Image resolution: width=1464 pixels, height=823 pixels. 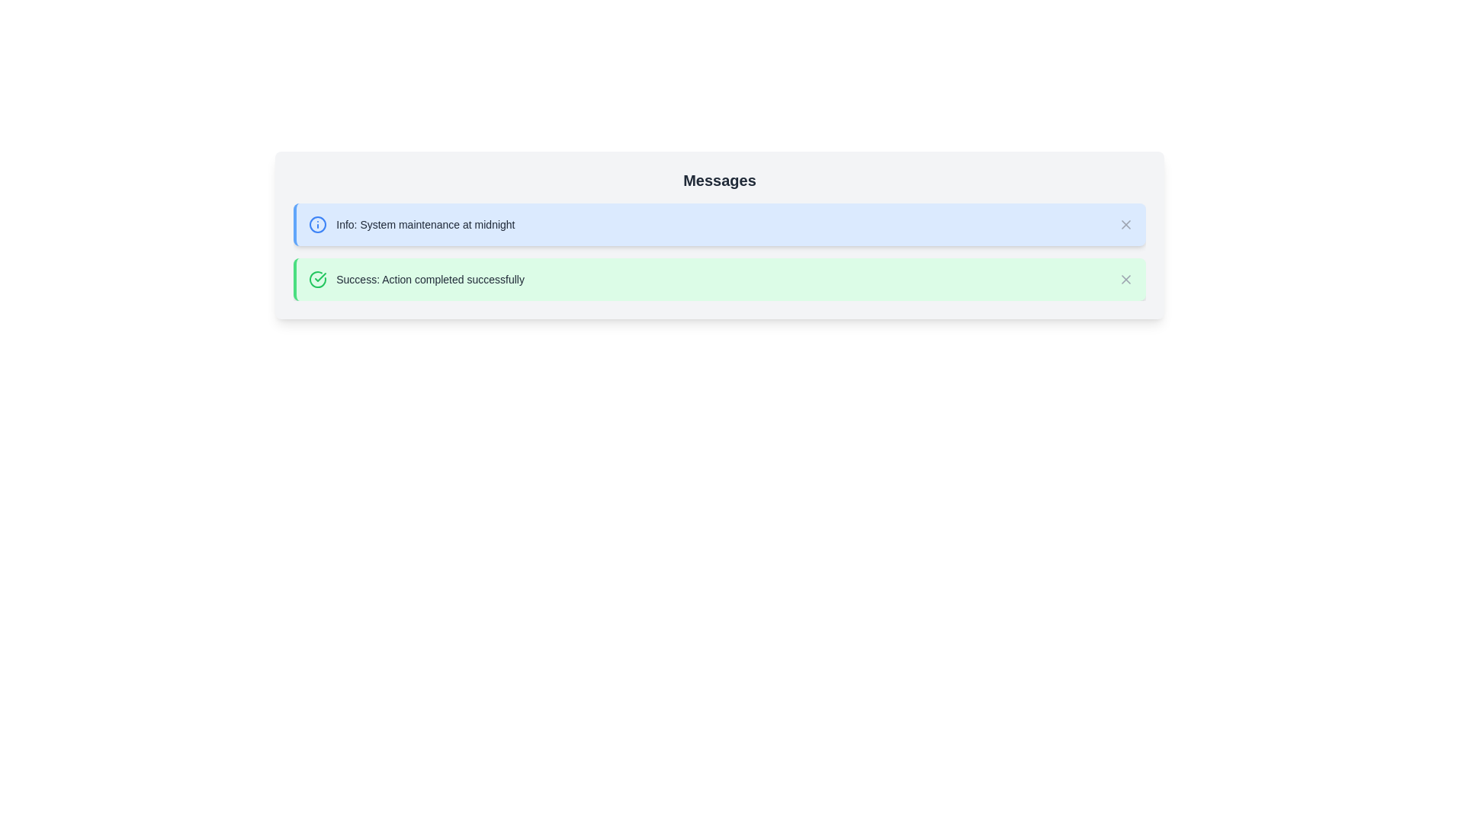 What do you see at coordinates (416, 279) in the screenshot?
I see `text 'Success: Action completed successfully' displayed in smaller gray text within a green notification box, which is preceded by a green circular checkmark icon` at bounding box center [416, 279].